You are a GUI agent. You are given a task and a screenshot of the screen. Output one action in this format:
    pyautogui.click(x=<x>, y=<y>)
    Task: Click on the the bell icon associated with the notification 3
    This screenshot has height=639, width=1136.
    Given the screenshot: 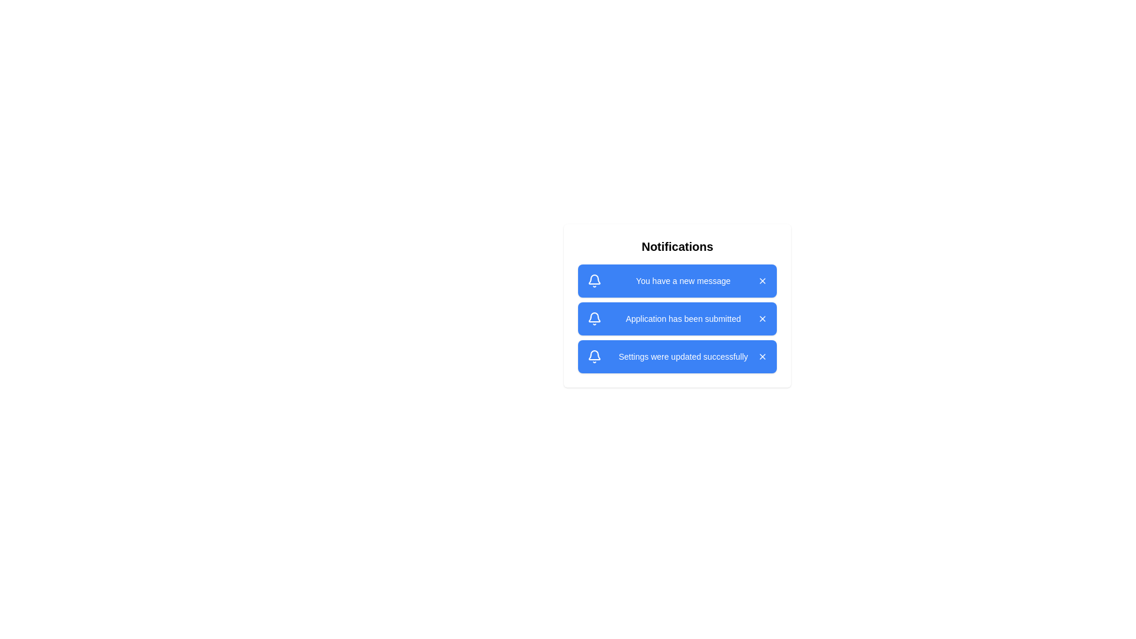 What is the action you would take?
    pyautogui.click(x=594, y=356)
    